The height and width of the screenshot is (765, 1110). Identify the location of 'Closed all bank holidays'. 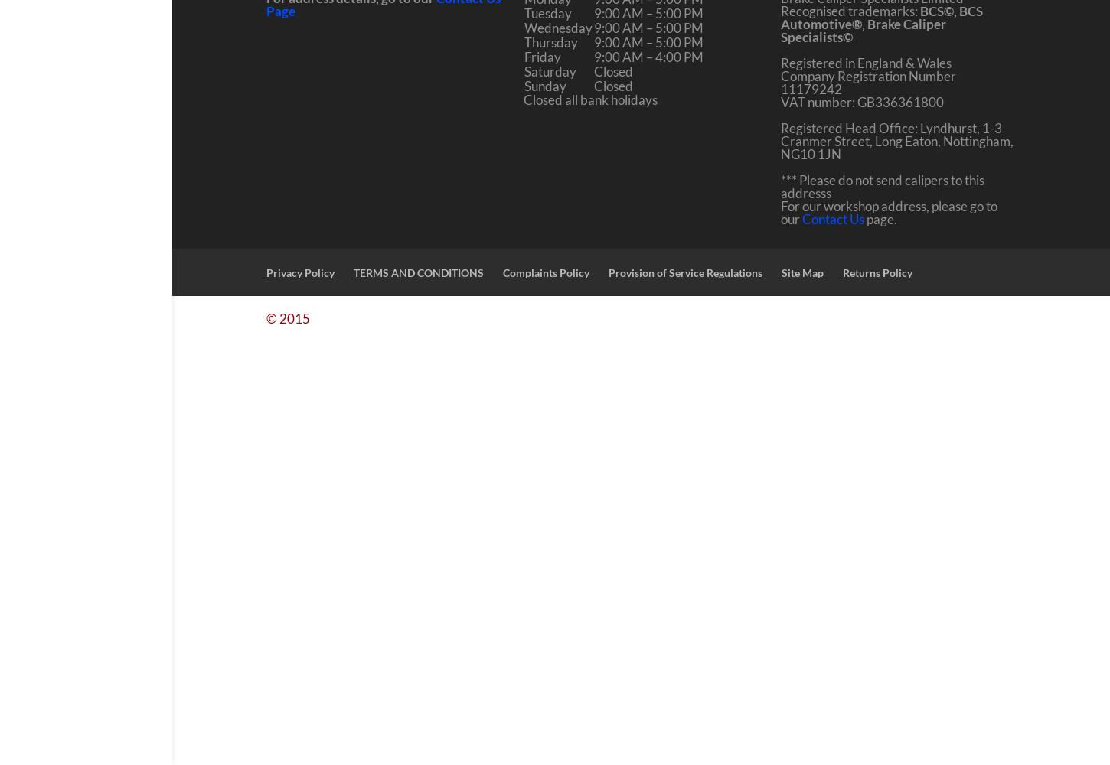
(589, 99).